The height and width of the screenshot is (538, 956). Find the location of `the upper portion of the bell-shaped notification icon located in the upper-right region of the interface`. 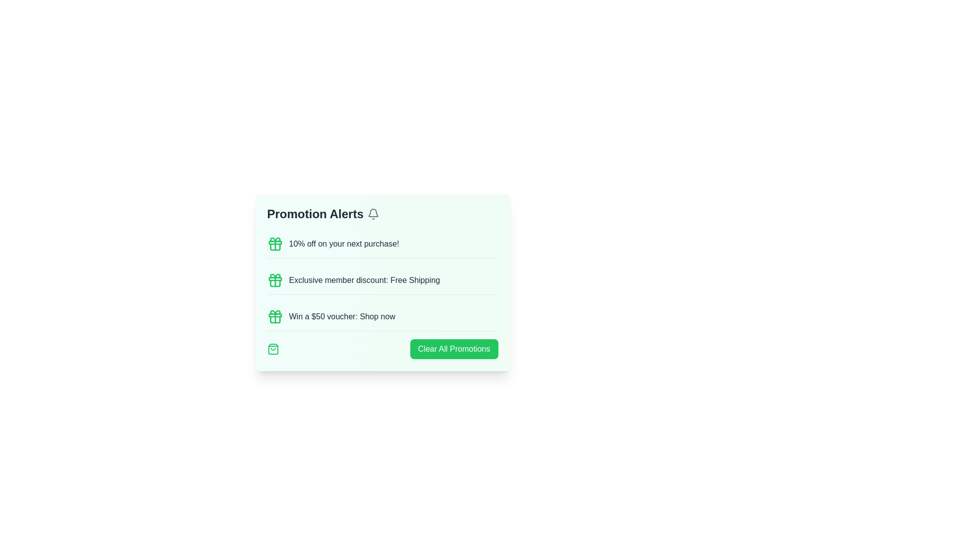

the upper portion of the bell-shaped notification icon located in the upper-right region of the interface is located at coordinates (373, 212).